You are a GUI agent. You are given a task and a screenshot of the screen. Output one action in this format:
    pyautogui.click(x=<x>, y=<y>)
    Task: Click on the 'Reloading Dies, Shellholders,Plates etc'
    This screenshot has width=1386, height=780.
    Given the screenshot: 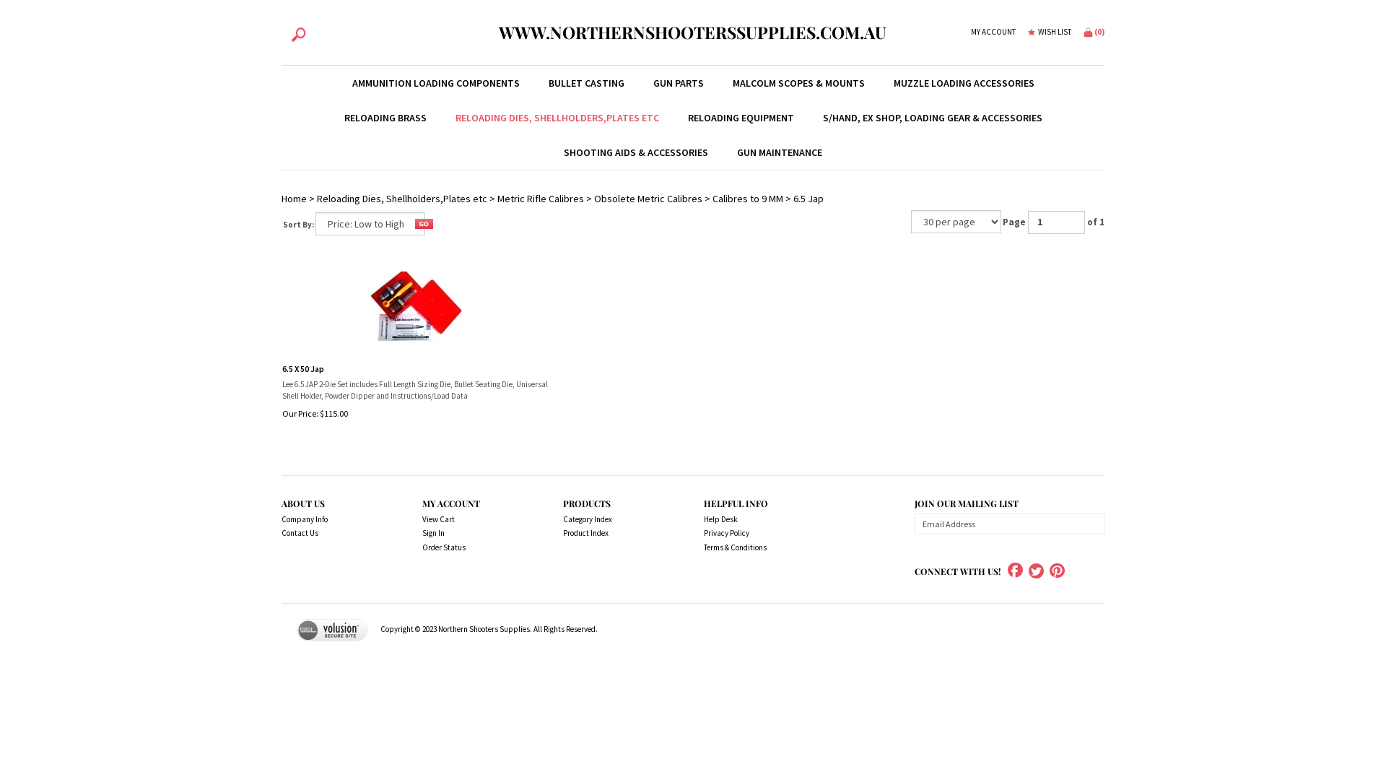 What is the action you would take?
    pyautogui.click(x=401, y=198)
    